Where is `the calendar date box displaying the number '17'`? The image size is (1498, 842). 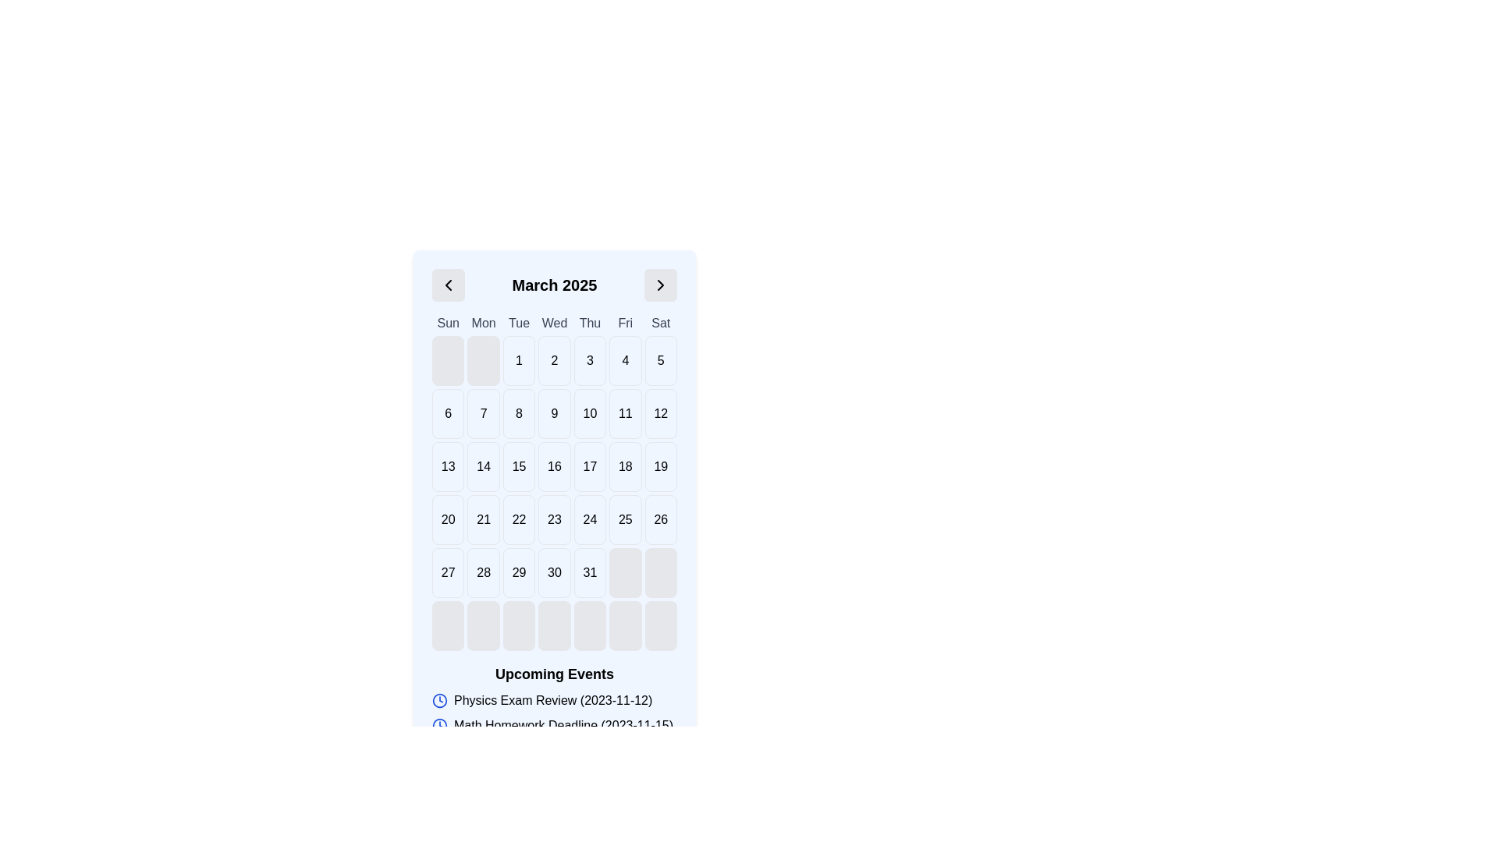
the calendar date box displaying the number '17' is located at coordinates (589, 465).